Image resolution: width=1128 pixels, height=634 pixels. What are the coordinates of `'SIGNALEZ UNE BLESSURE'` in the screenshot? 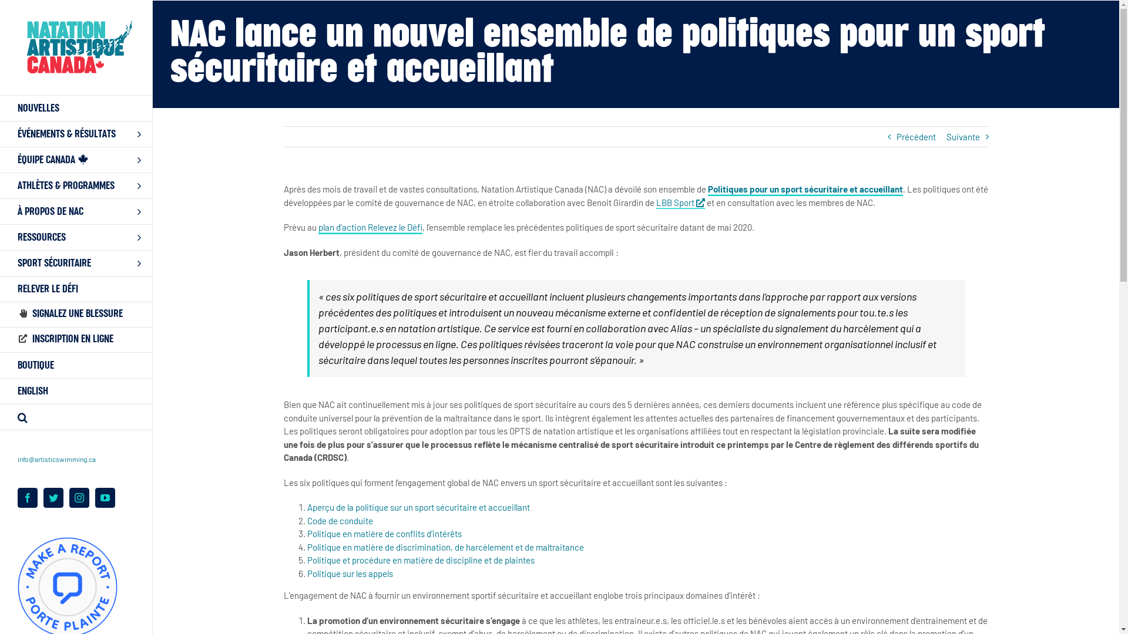 It's located at (75, 314).